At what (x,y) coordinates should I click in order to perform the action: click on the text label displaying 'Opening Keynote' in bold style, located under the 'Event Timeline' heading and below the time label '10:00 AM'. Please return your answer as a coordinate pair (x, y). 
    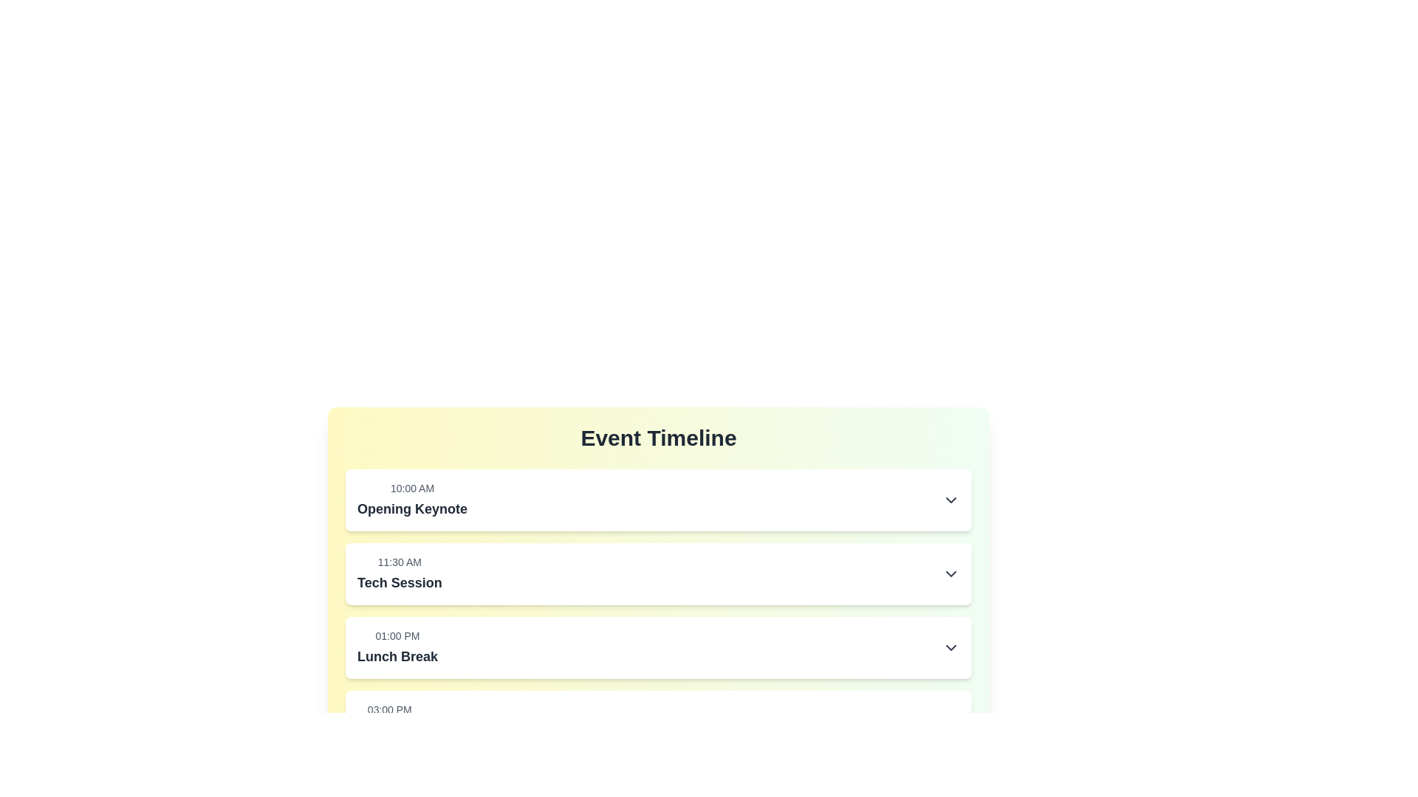
    Looking at the image, I should click on (412, 508).